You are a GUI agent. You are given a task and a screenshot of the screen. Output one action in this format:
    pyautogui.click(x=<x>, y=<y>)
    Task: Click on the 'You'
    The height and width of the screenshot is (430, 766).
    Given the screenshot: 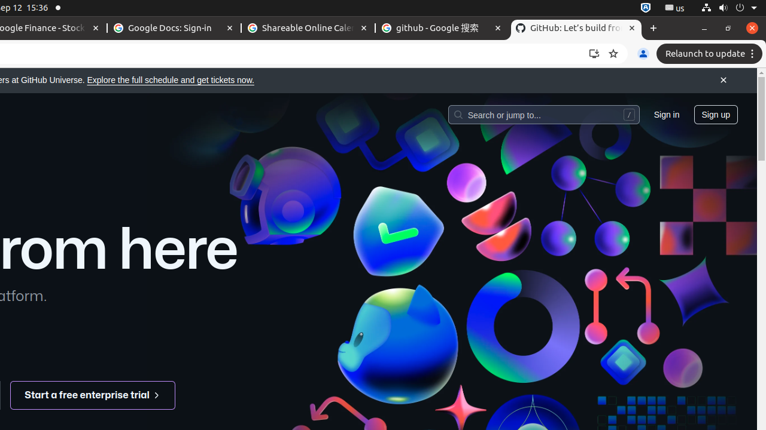 What is the action you would take?
    pyautogui.click(x=642, y=54)
    